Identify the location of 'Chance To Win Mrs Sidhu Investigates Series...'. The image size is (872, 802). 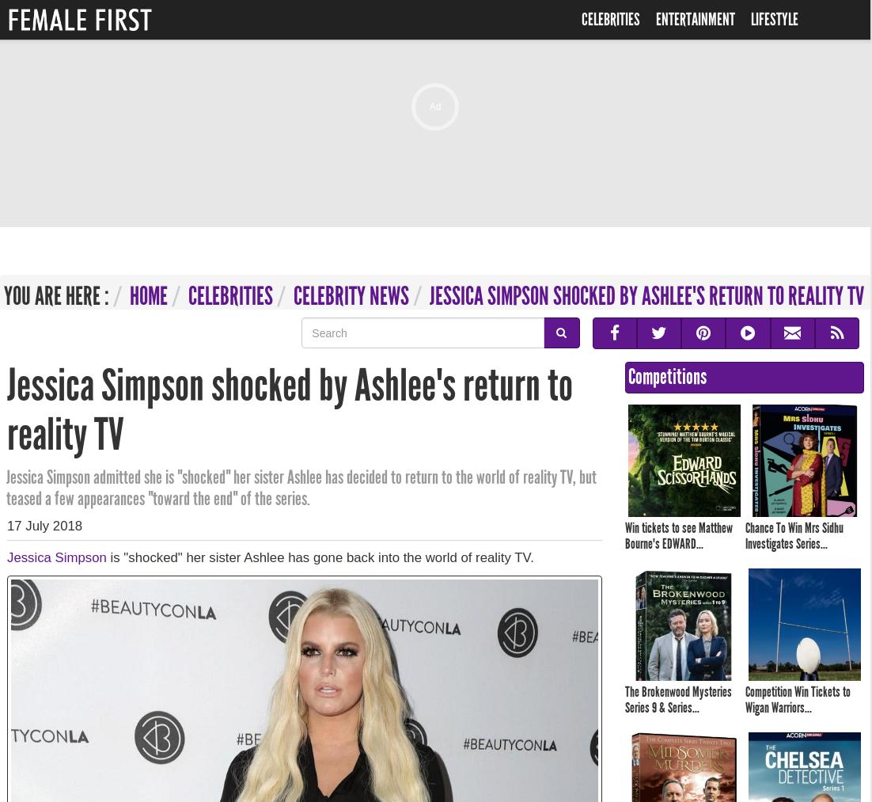
(794, 534).